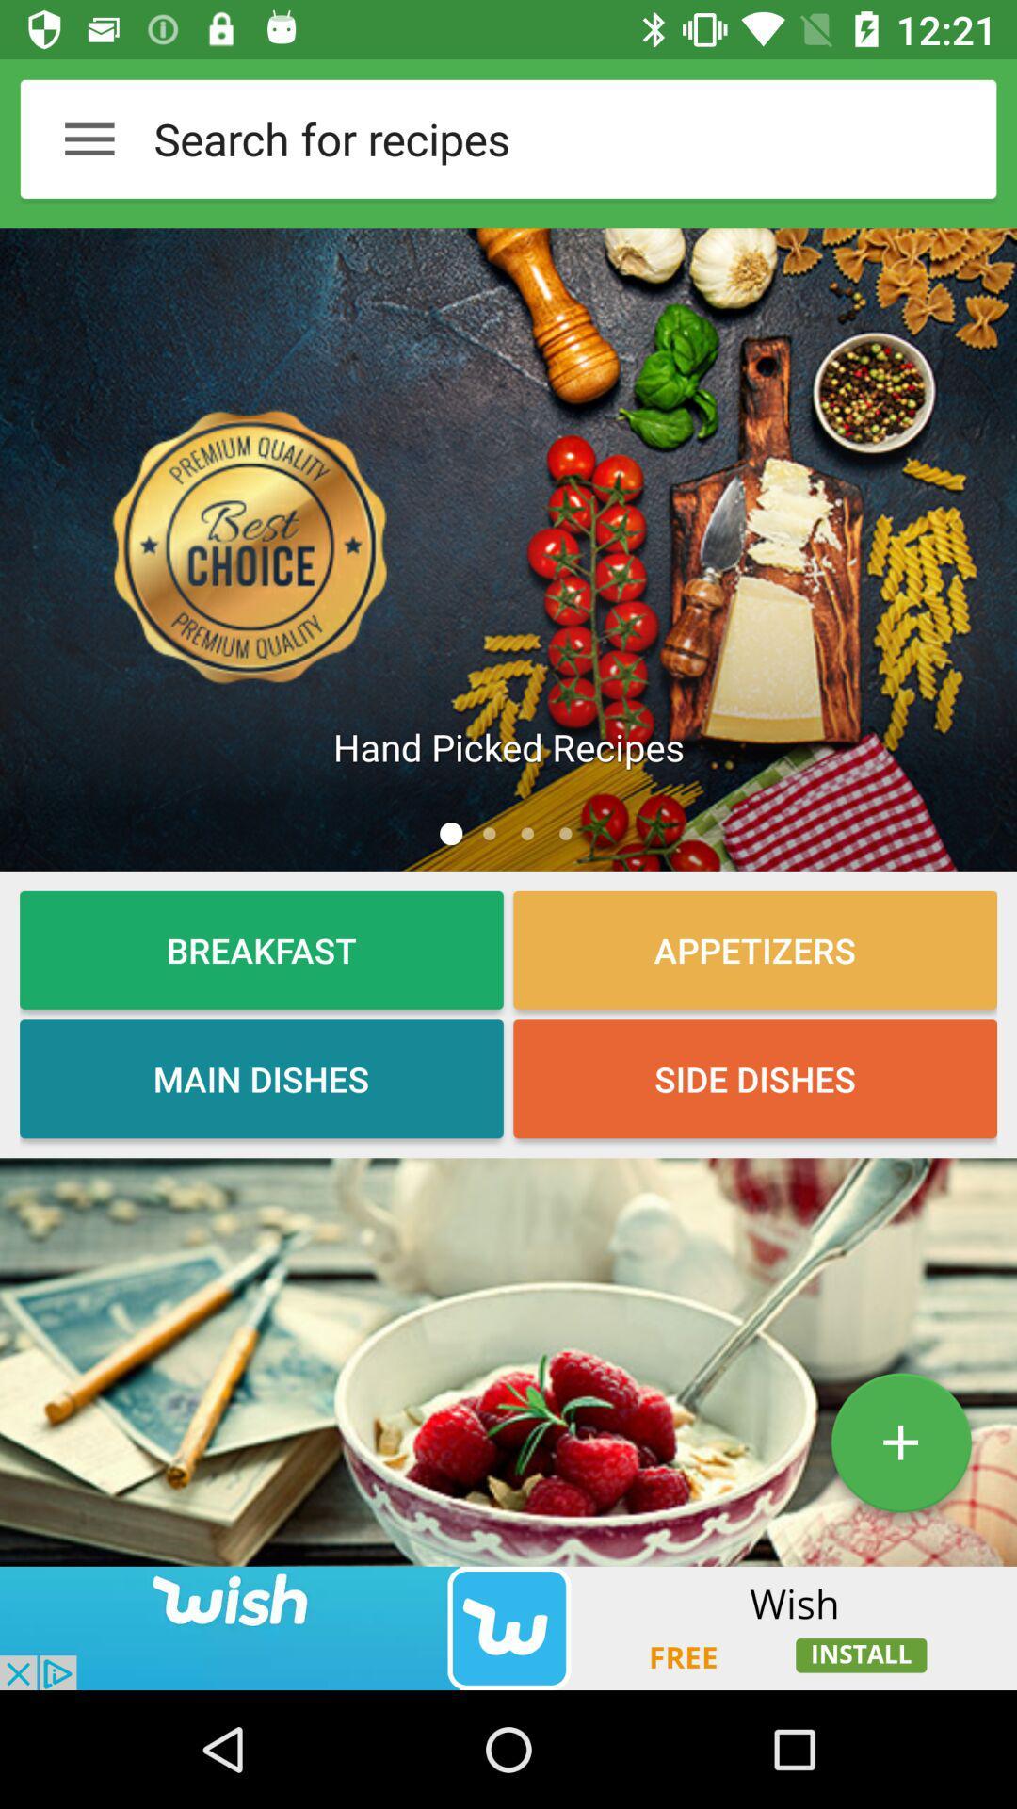  Describe the element at coordinates (899, 1449) in the screenshot. I see `the add icon` at that location.